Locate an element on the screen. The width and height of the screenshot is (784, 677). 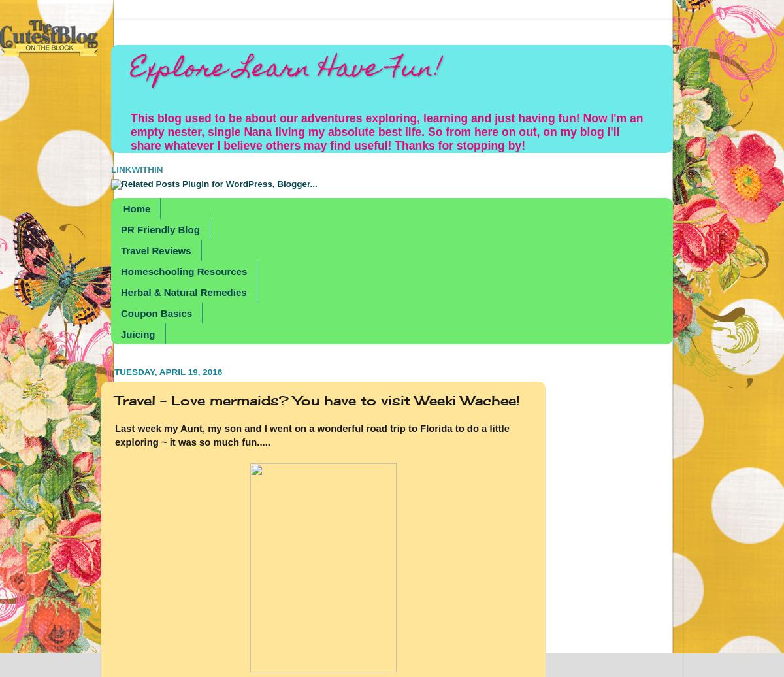
'PR Friendly Blog' is located at coordinates (159, 229).